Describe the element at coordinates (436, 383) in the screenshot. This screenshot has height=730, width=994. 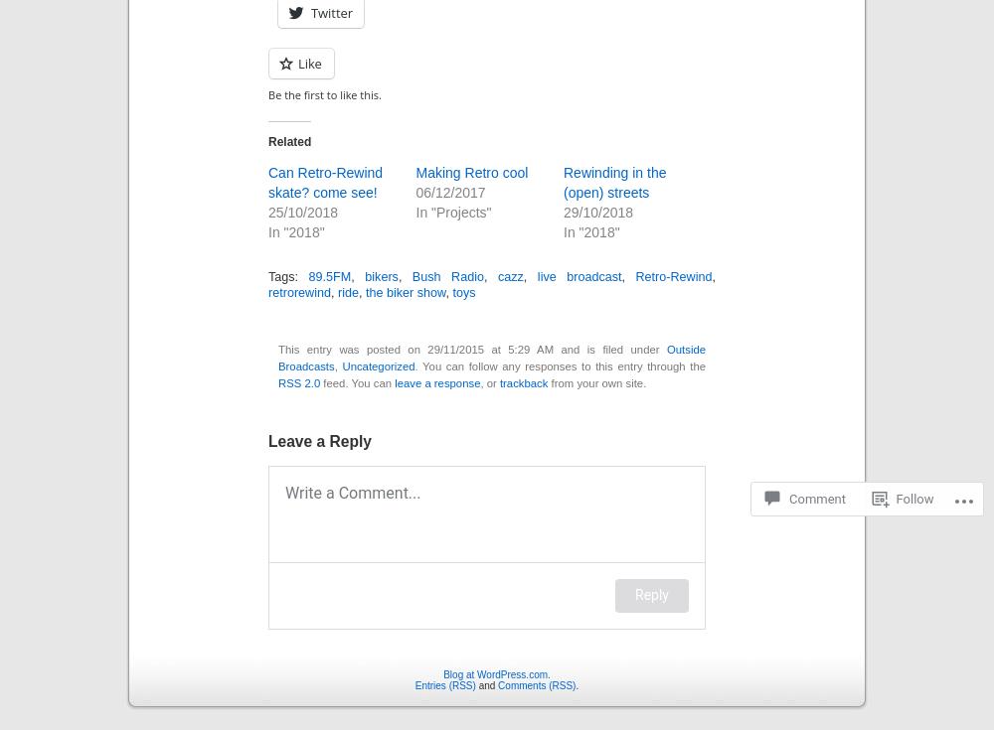
I see `'leave a response'` at that location.